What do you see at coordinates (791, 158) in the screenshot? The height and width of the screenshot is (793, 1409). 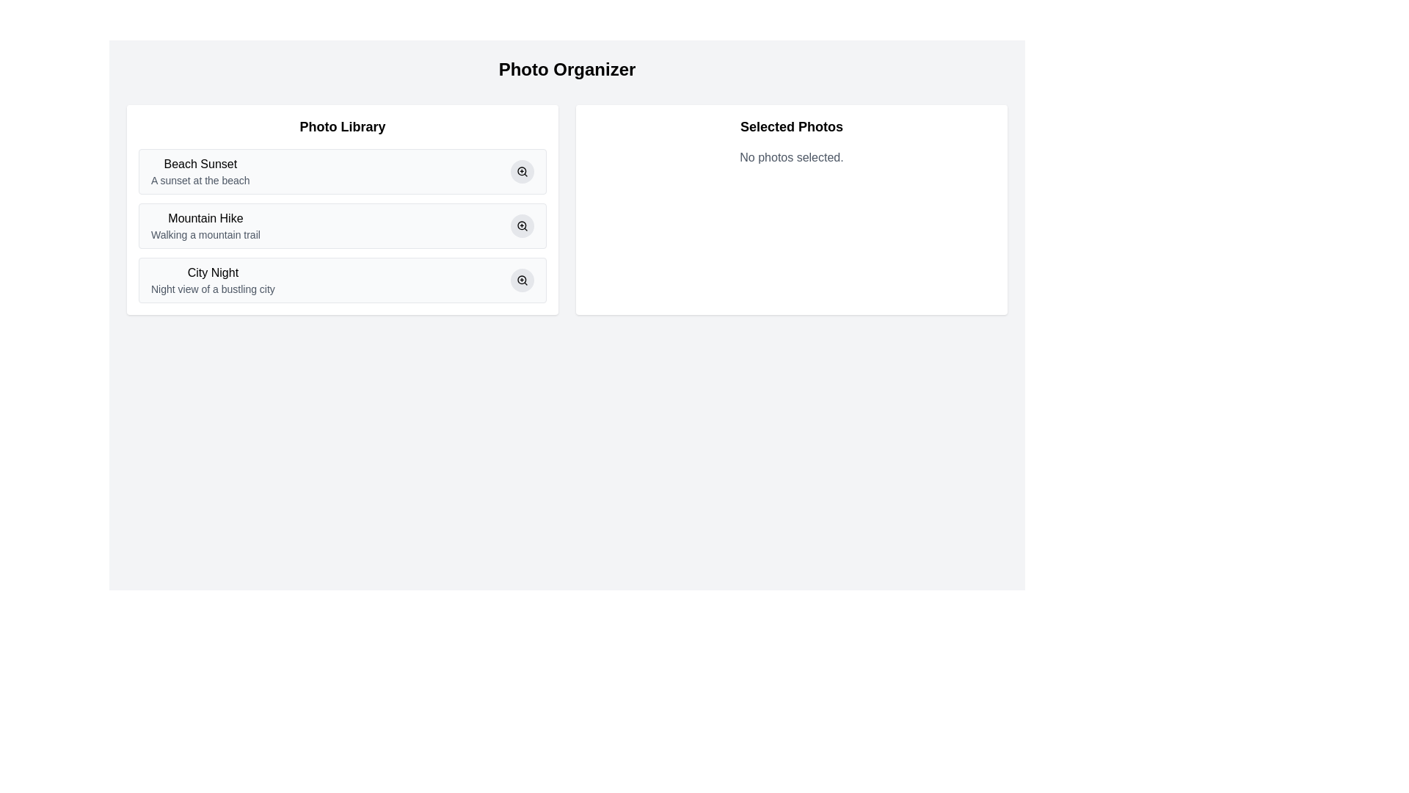 I see `the text element that informs the user that no photos have been selected yet, located in the right panel labeled 'Selected Photos' directly below the header` at bounding box center [791, 158].